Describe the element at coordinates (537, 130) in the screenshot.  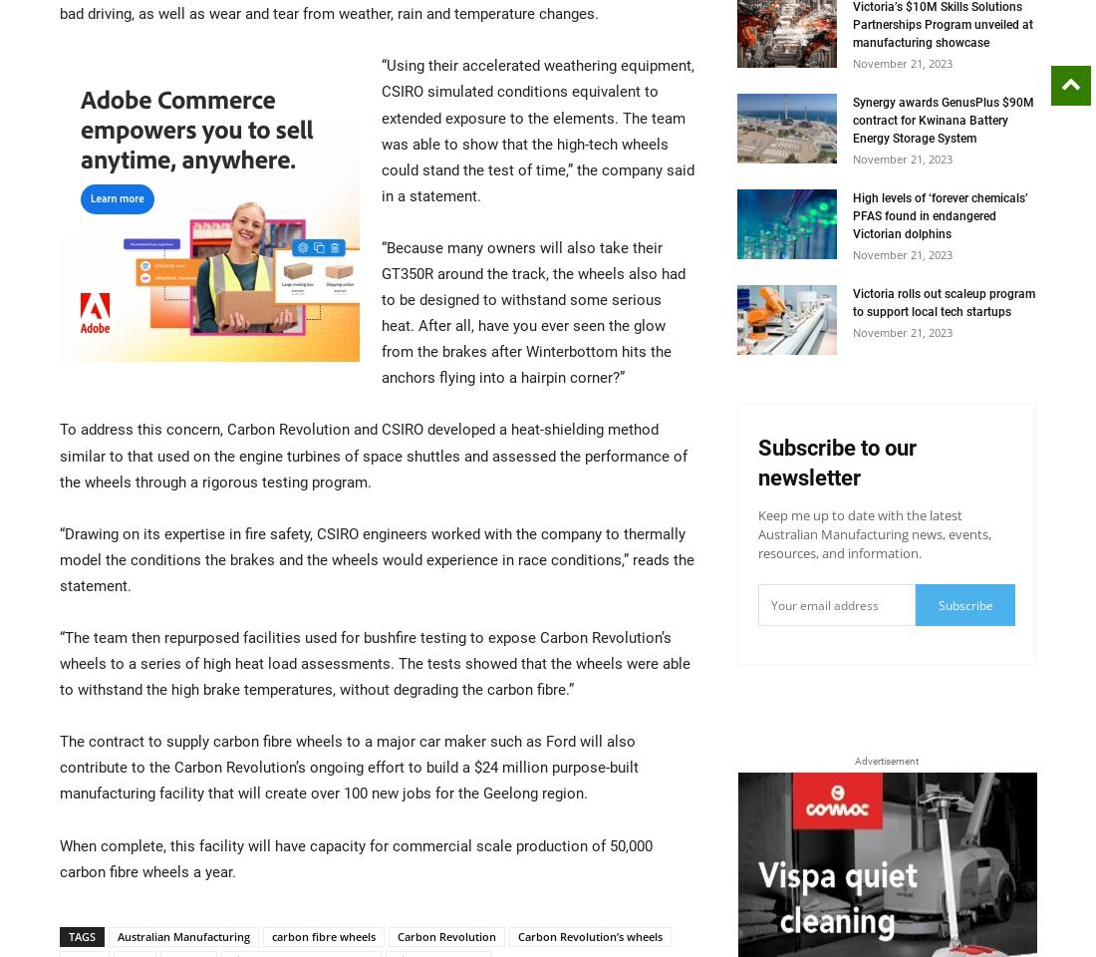
I see `'“Using their accelerated weathering equipment, CSIRO simulated conditions equivalent to extended exposure to the elements. The team was able to show that the high-tech wheels could stand the test of time,” the company said in a statement.'` at that location.